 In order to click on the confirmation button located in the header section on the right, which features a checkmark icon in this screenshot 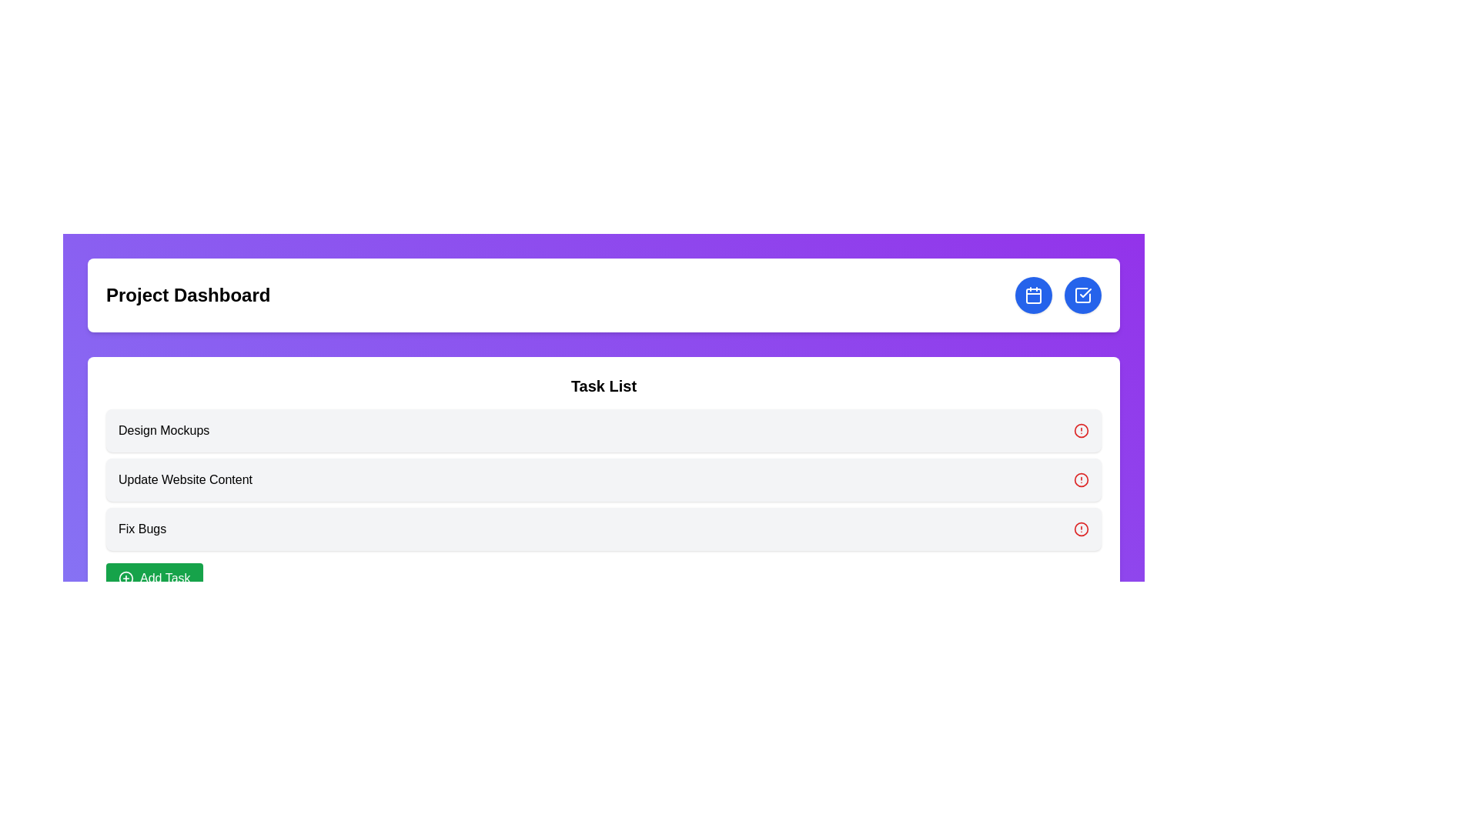, I will do `click(1082, 295)`.